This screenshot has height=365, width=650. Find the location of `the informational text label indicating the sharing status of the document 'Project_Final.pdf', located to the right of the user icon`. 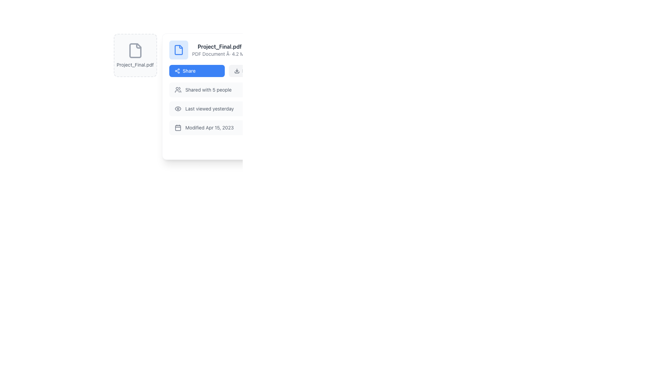

the informational text label indicating the sharing status of the document 'Project_Final.pdf', located to the right of the user icon is located at coordinates (208, 90).